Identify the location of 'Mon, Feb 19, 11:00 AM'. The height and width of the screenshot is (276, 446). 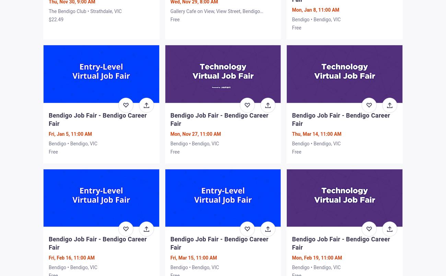
(317, 257).